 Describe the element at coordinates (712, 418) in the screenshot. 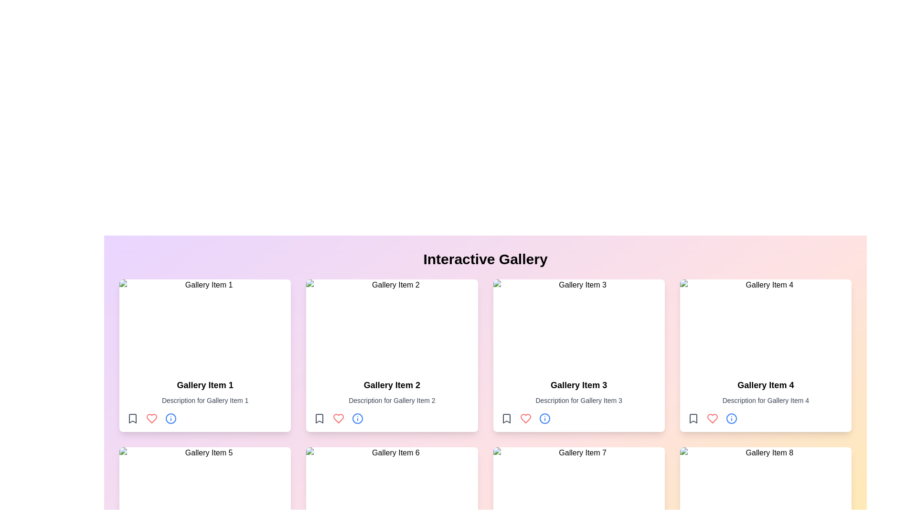

I see `the second interactive icon from the left in the group of three icons below the 'Gallery Item 4' card` at that location.